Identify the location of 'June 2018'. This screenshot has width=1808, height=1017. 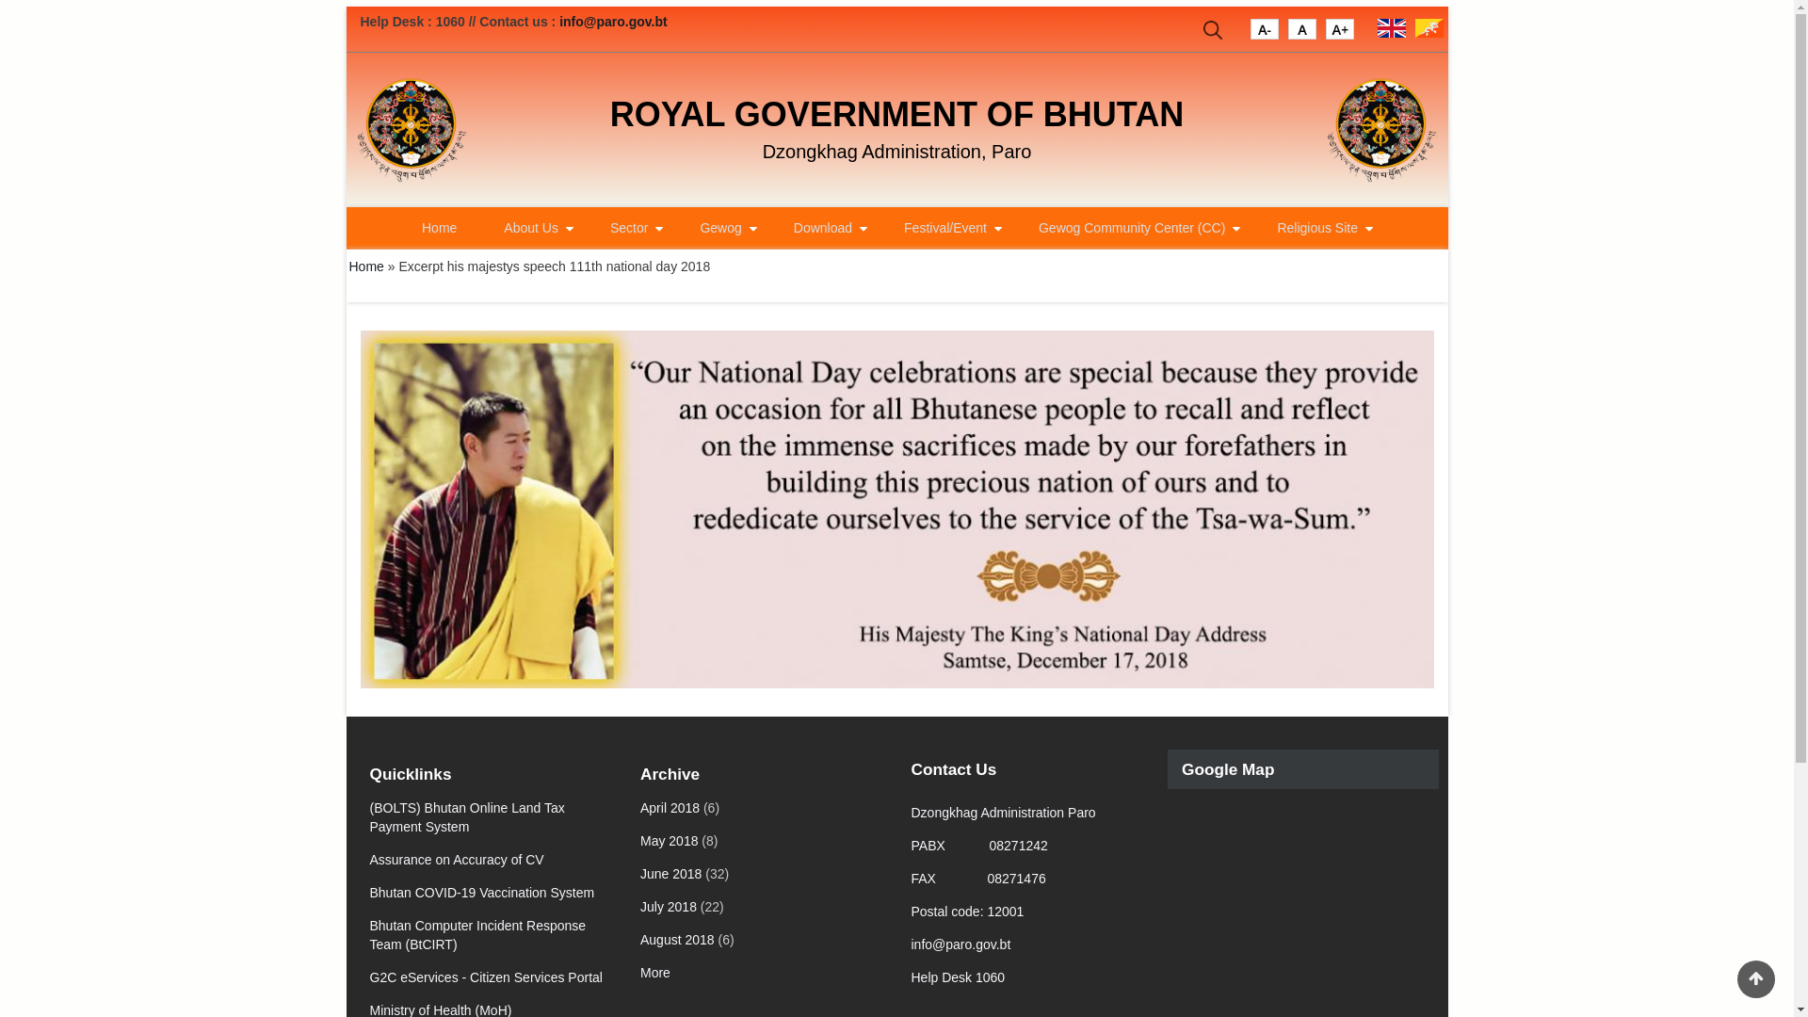
(670, 874).